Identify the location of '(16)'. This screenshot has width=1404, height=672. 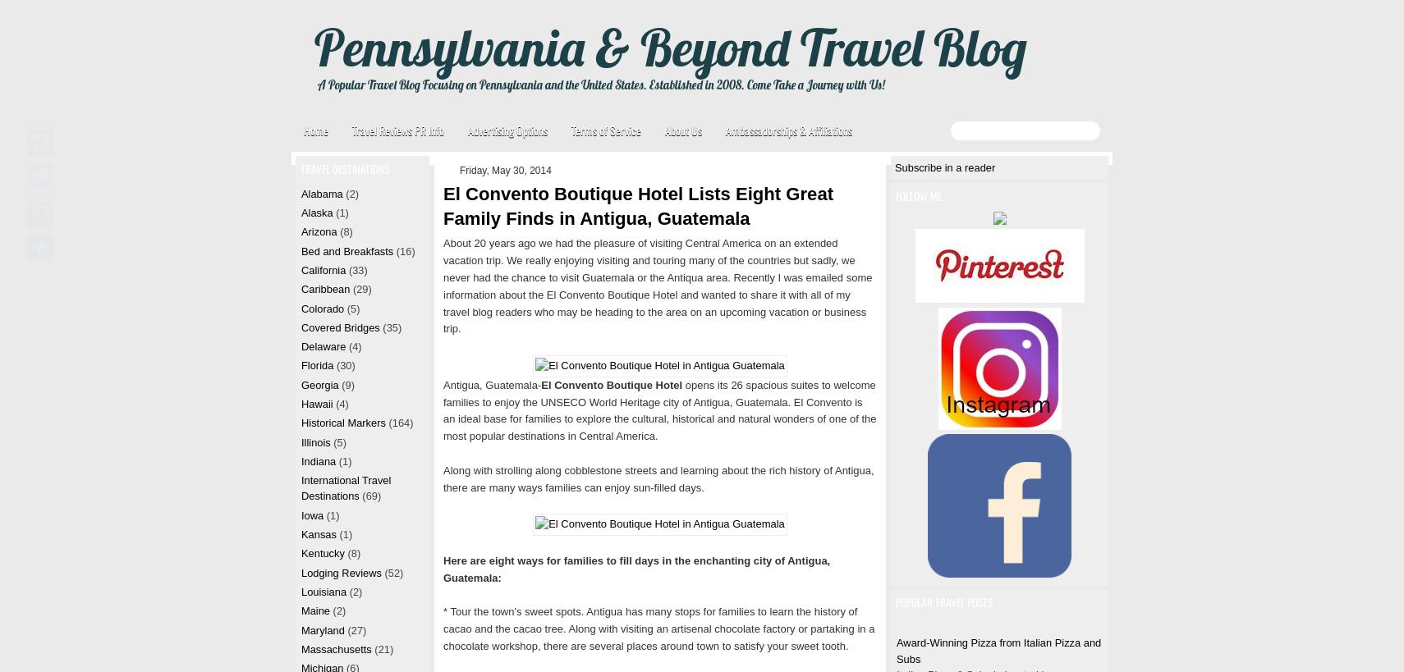
(396, 250).